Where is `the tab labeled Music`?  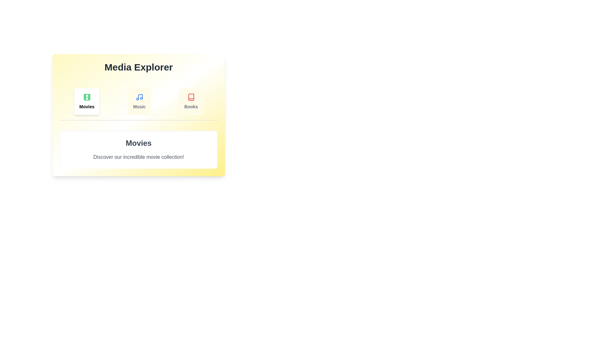 the tab labeled Music is located at coordinates (139, 101).